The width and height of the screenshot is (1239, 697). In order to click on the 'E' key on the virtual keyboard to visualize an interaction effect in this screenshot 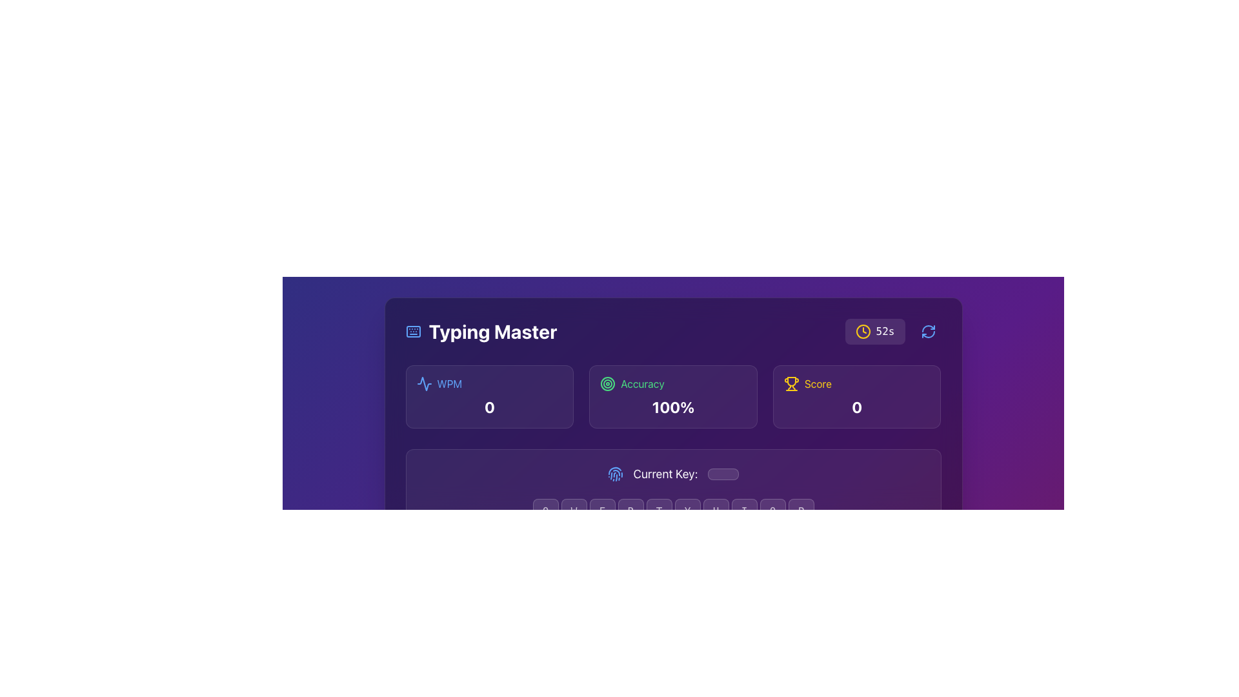, I will do `click(601, 511)`.